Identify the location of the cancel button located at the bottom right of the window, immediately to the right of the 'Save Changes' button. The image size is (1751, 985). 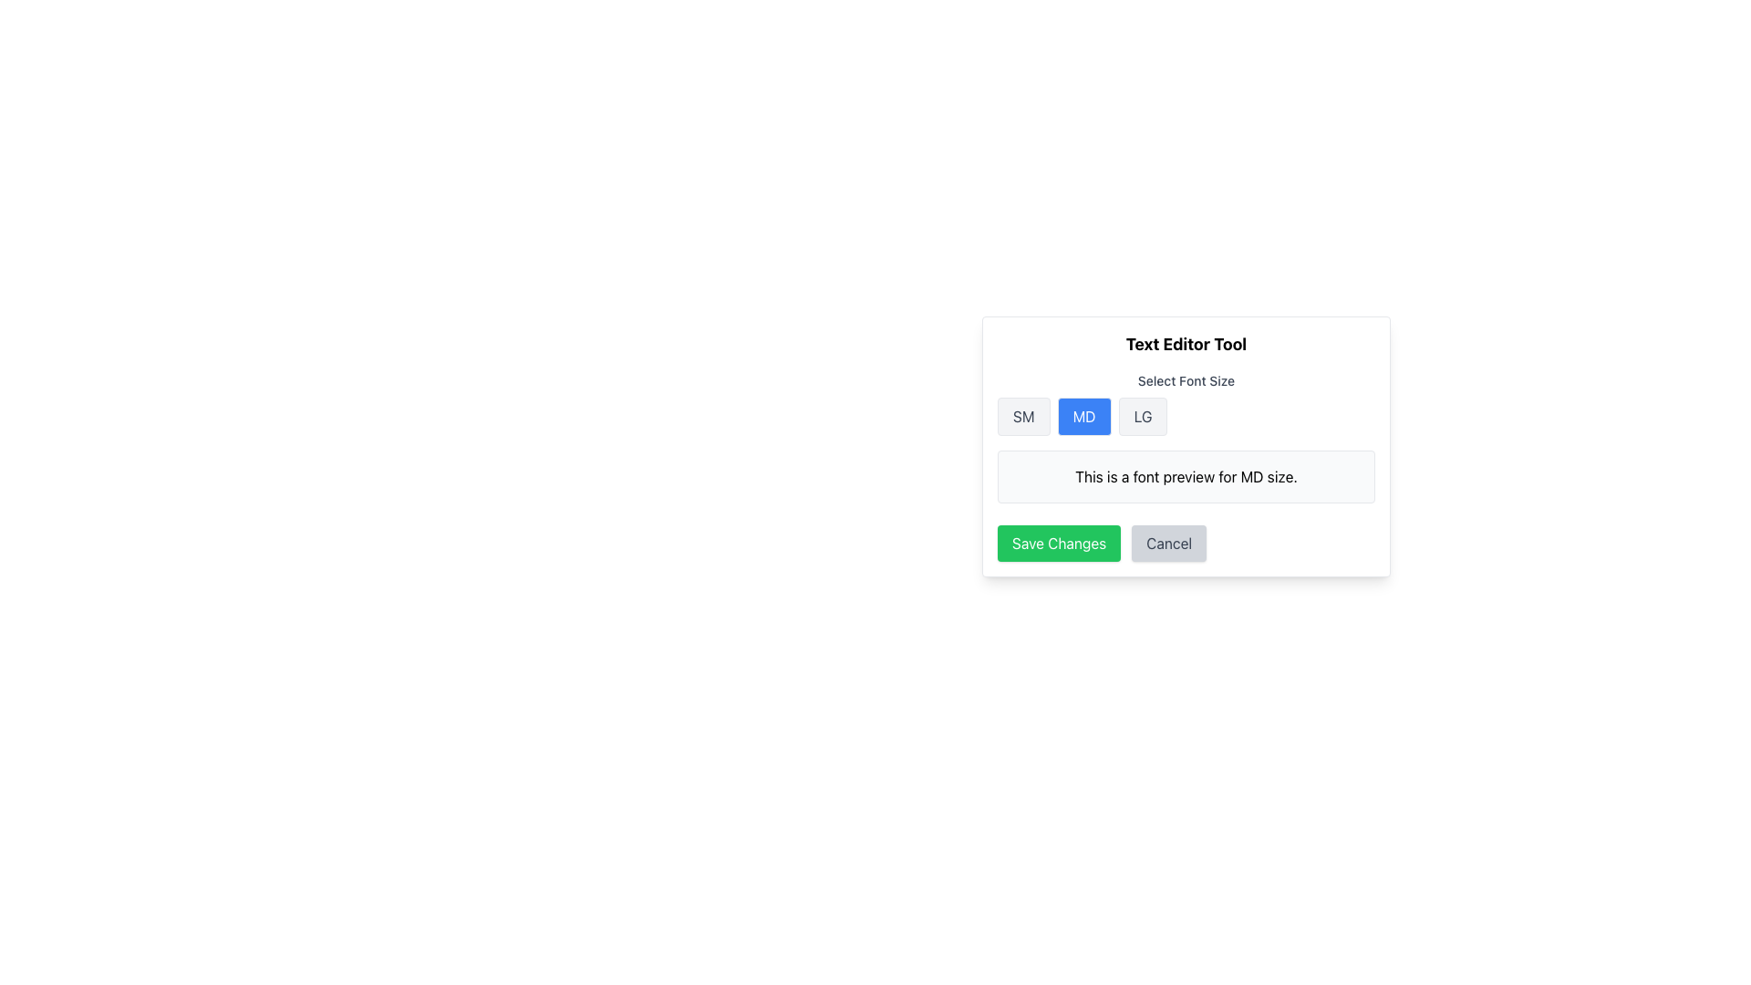
(1169, 543).